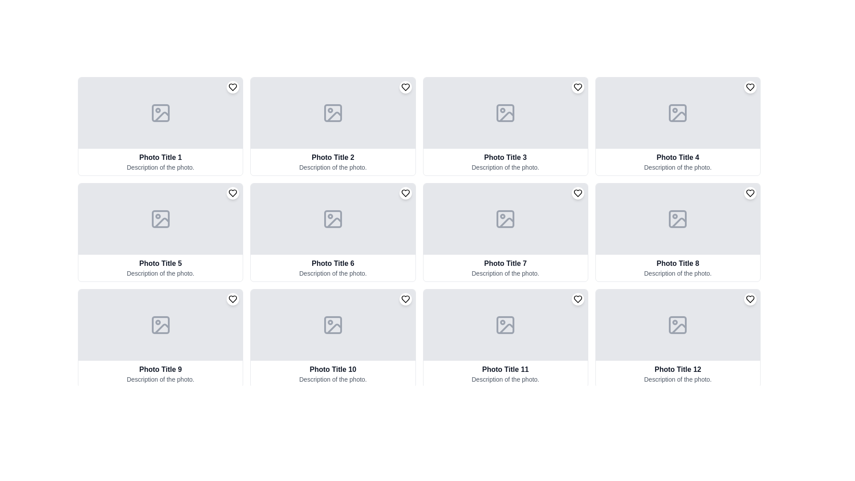 This screenshot has height=481, width=855. I want to click on the Text Label that serves as the title or heading for the associated image and description within the third card from the left in the top row of the grid layout, so click(505, 157).